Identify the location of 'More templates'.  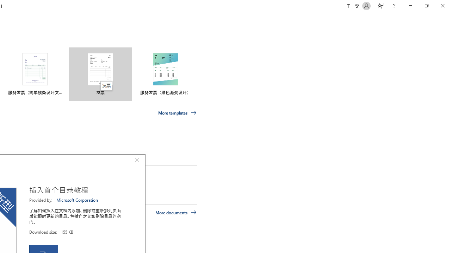
(177, 112).